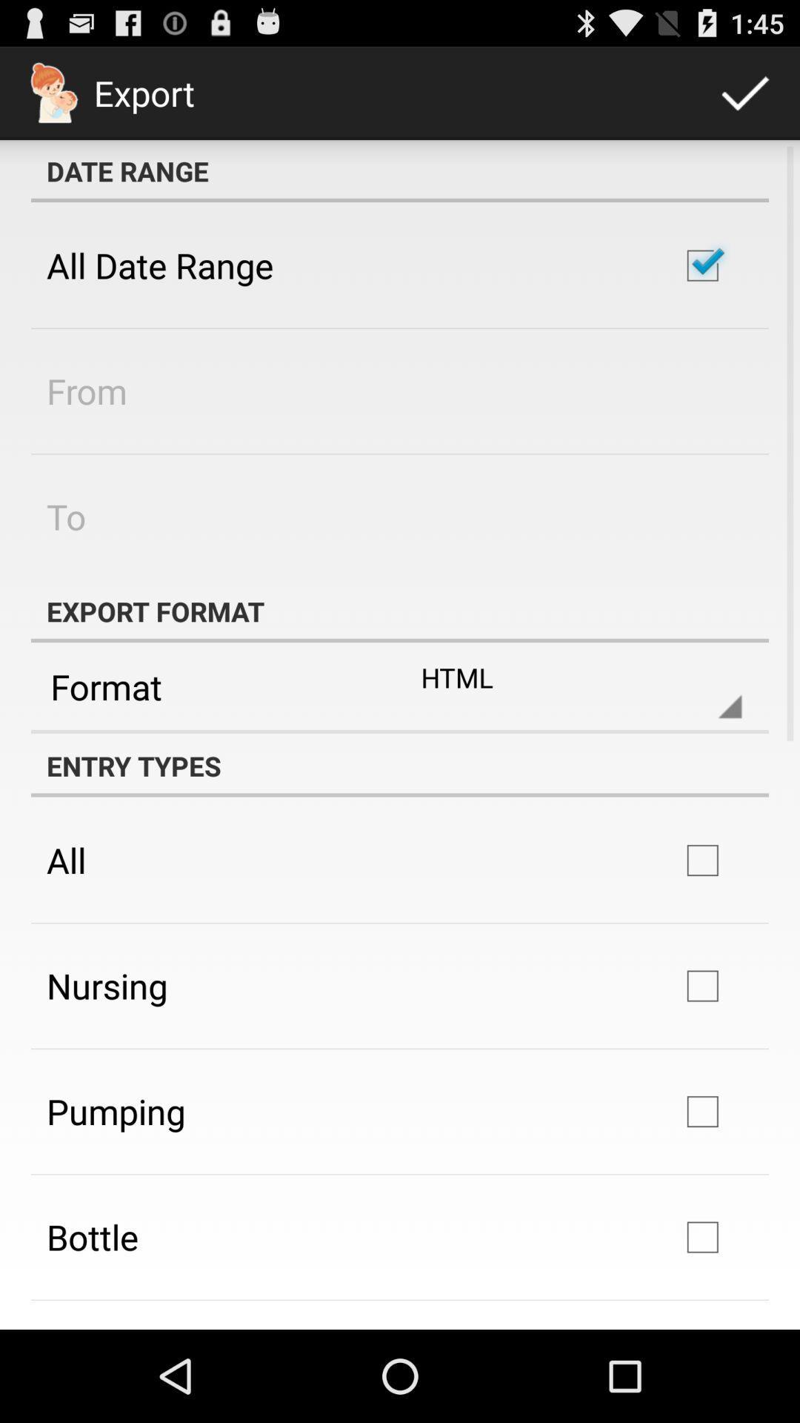 This screenshot has height=1423, width=800. Describe the element at coordinates (92, 1237) in the screenshot. I see `the bottle icon` at that location.